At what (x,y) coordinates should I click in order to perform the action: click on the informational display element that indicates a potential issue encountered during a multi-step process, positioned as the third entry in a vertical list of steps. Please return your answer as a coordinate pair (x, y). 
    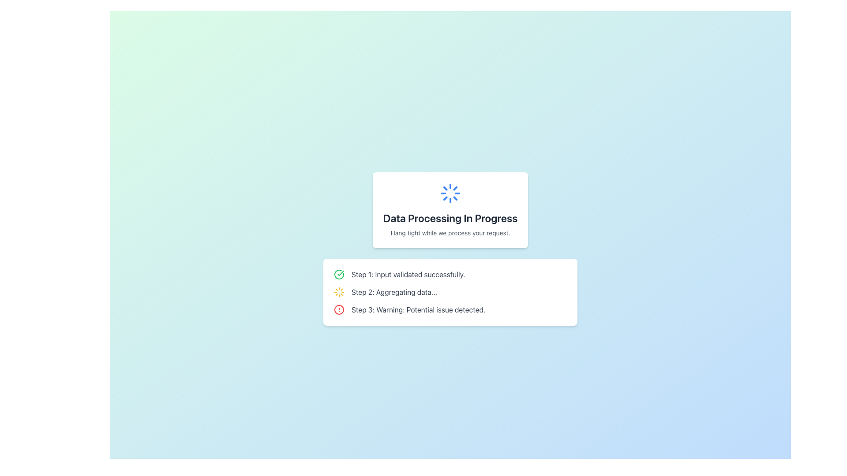
    Looking at the image, I should click on (450, 309).